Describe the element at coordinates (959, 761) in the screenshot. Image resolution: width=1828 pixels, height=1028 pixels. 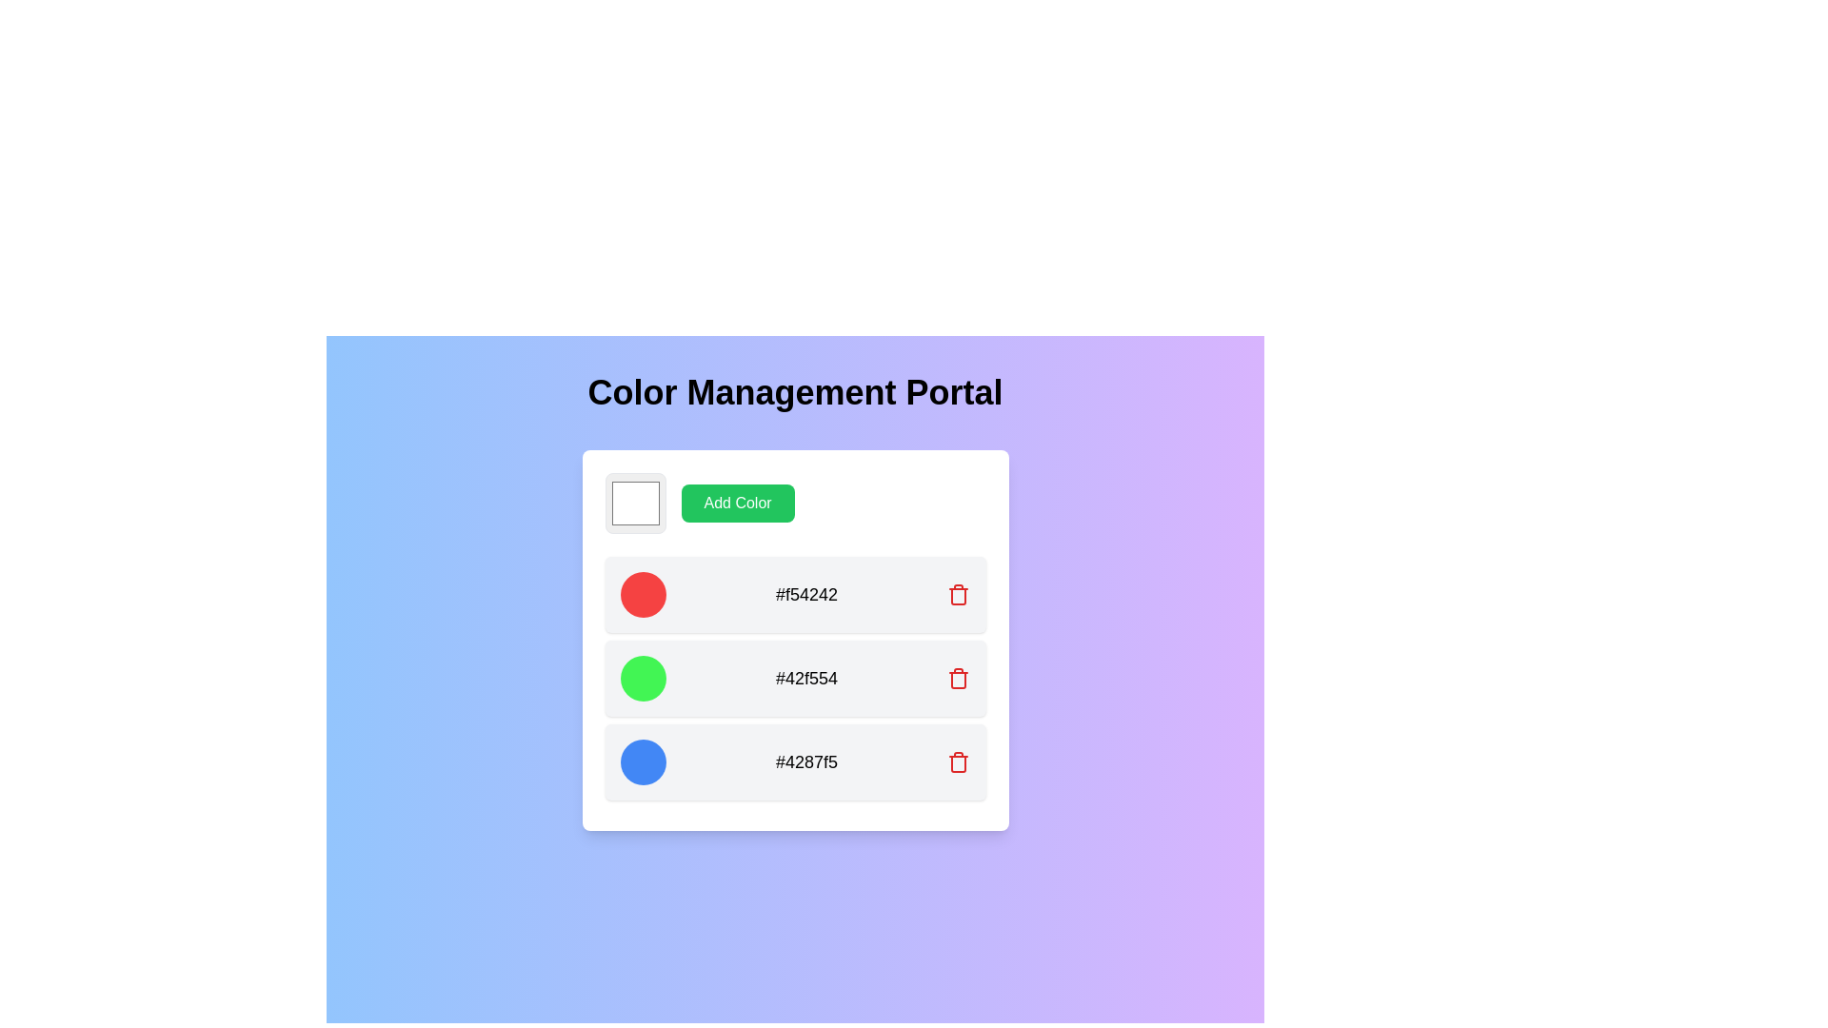
I see `the icon button located on the far right side of the last row` at that location.